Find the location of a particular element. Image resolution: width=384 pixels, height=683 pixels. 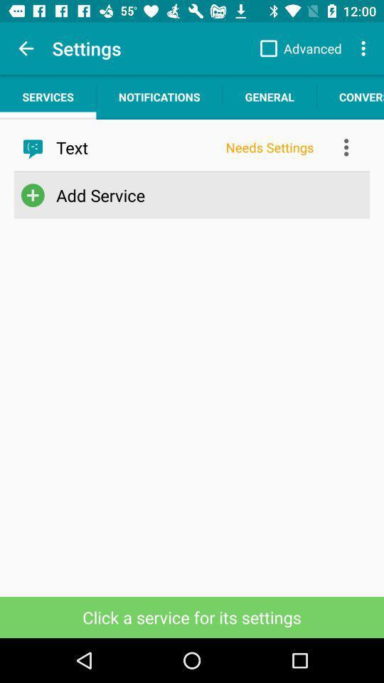

the text item is located at coordinates (136, 147).